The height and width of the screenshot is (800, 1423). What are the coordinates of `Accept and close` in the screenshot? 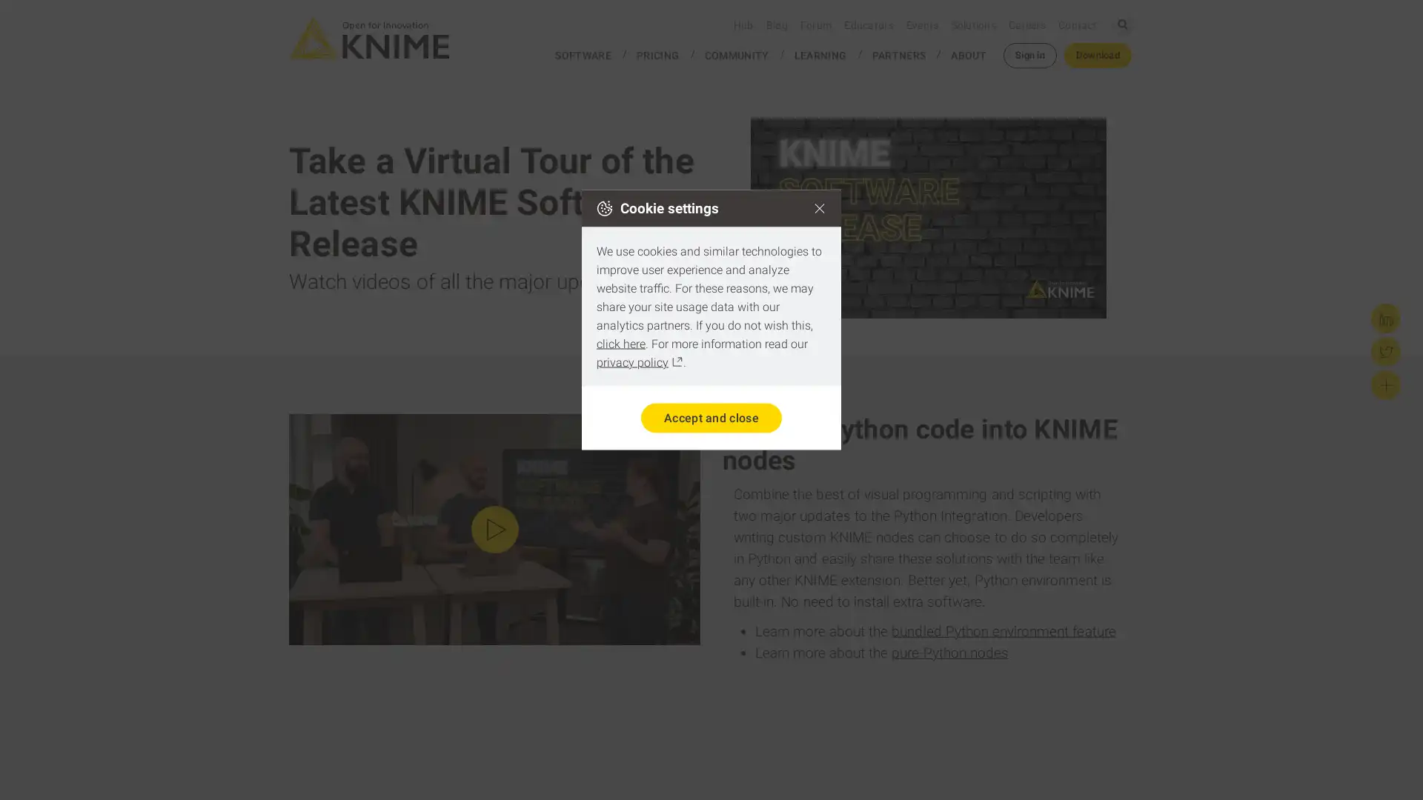 It's located at (710, 417).